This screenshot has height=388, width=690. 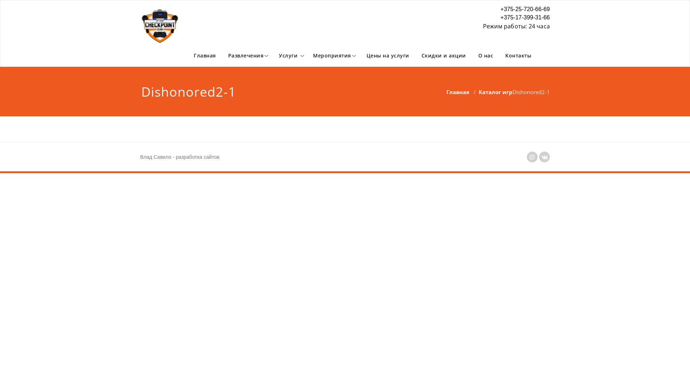 I want to click on '+375-17-399-31-66', so click(x=516, y=17).